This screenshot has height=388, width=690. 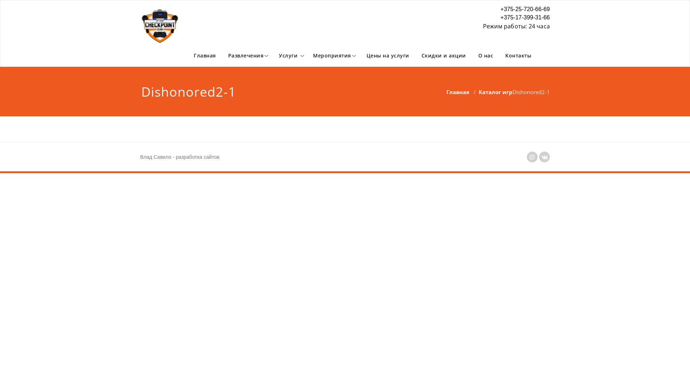 I want to click on '+375-17-399-31-66', so click(x=516, y=17).